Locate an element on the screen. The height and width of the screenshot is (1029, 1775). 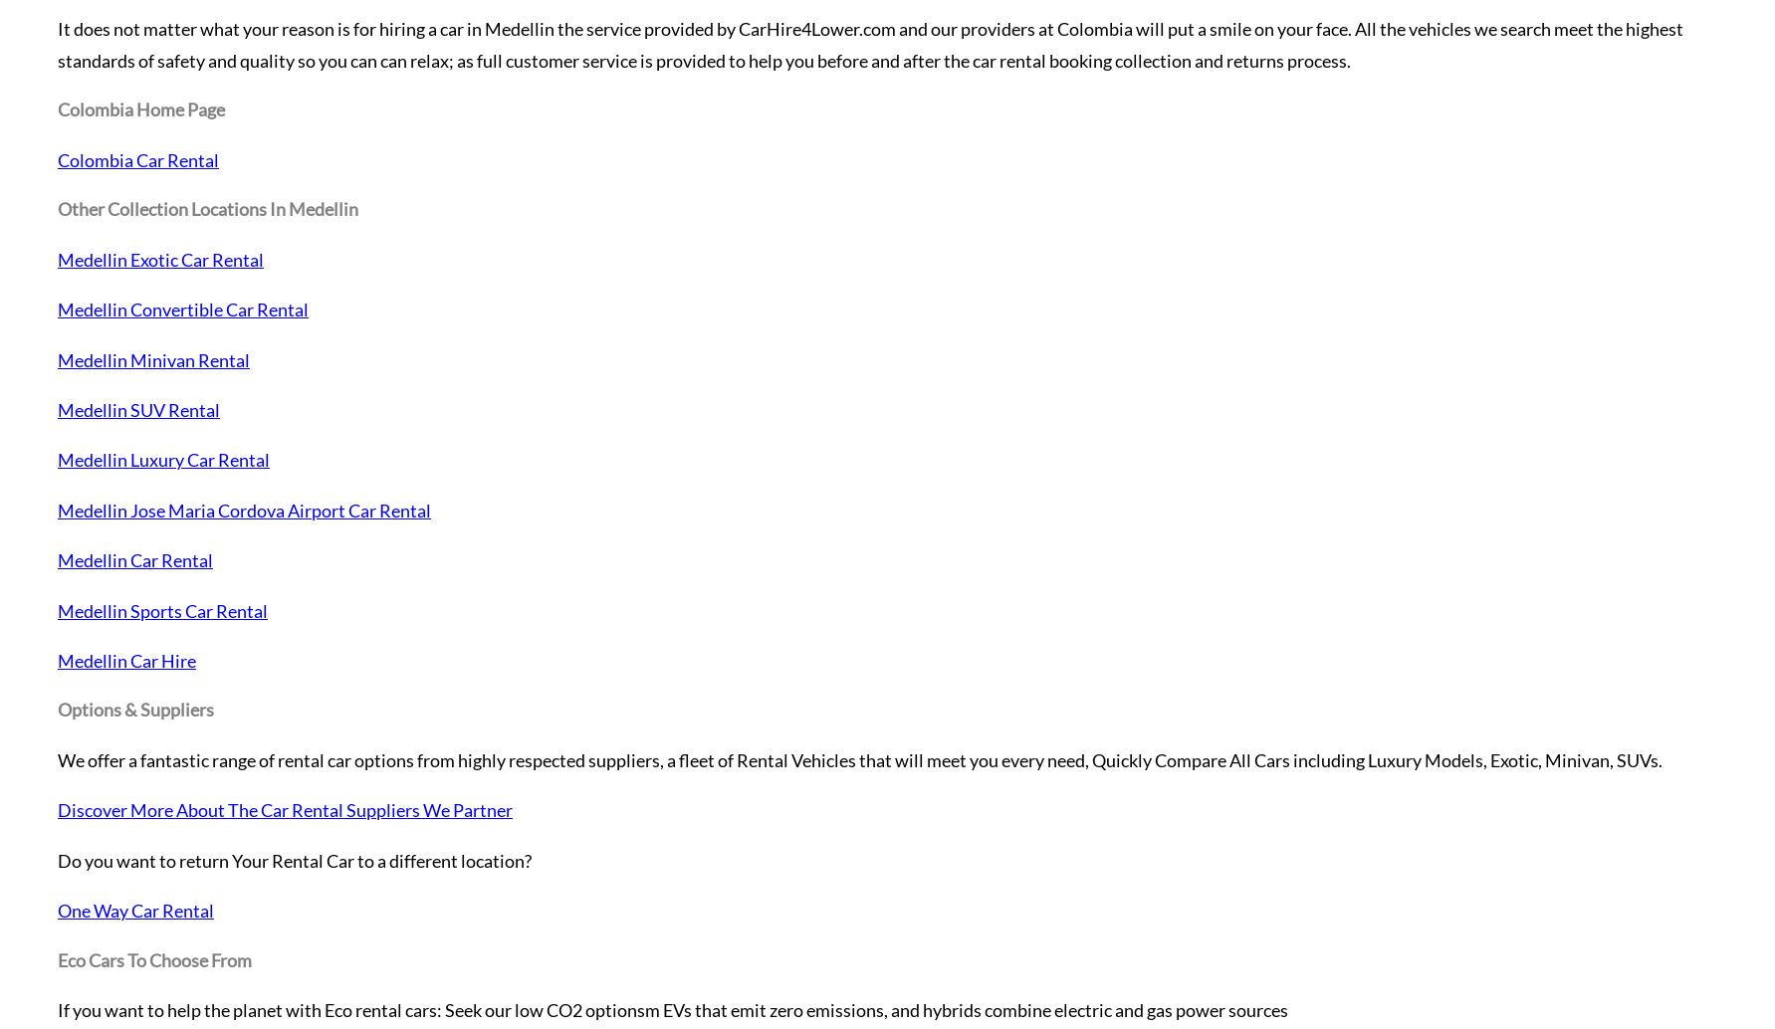
'Medellin SUV Rental' is located at coordinates (137, 409).